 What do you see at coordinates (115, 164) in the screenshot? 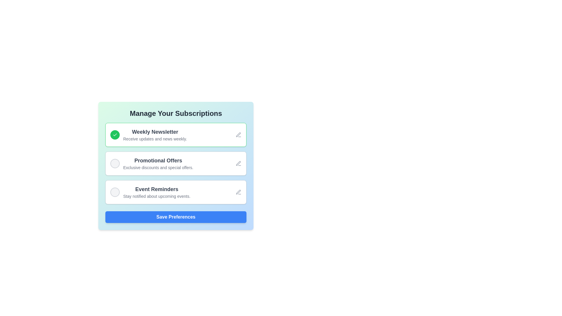
I see `the circular button with a light gray background and gray border located in the 'Promotional Offers' subscription item` at bounding box center [115, 164].